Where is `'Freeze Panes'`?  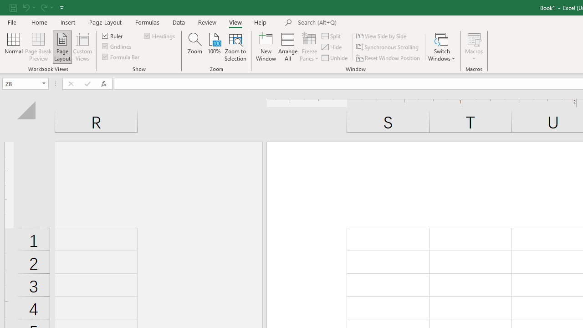
'Freeze Panes' is located at coordinates (309, 47).